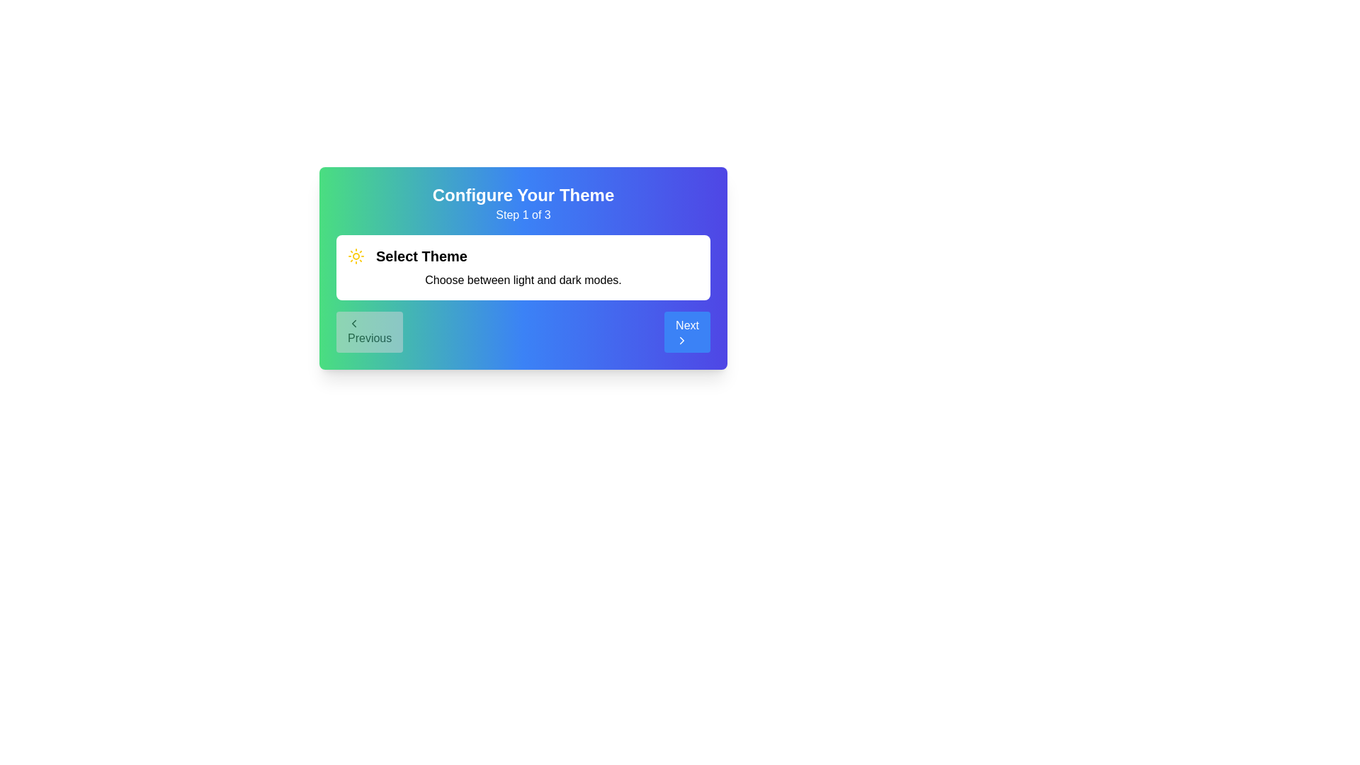 This screenshot has width=1360, height=765. Describe the element at coordinates (353, 323) in the screenshot. I see `the navigation icon located at the leftmost portion of the 'Previous' button, which is situated at the lower left corner of the card-like interface` at that location.